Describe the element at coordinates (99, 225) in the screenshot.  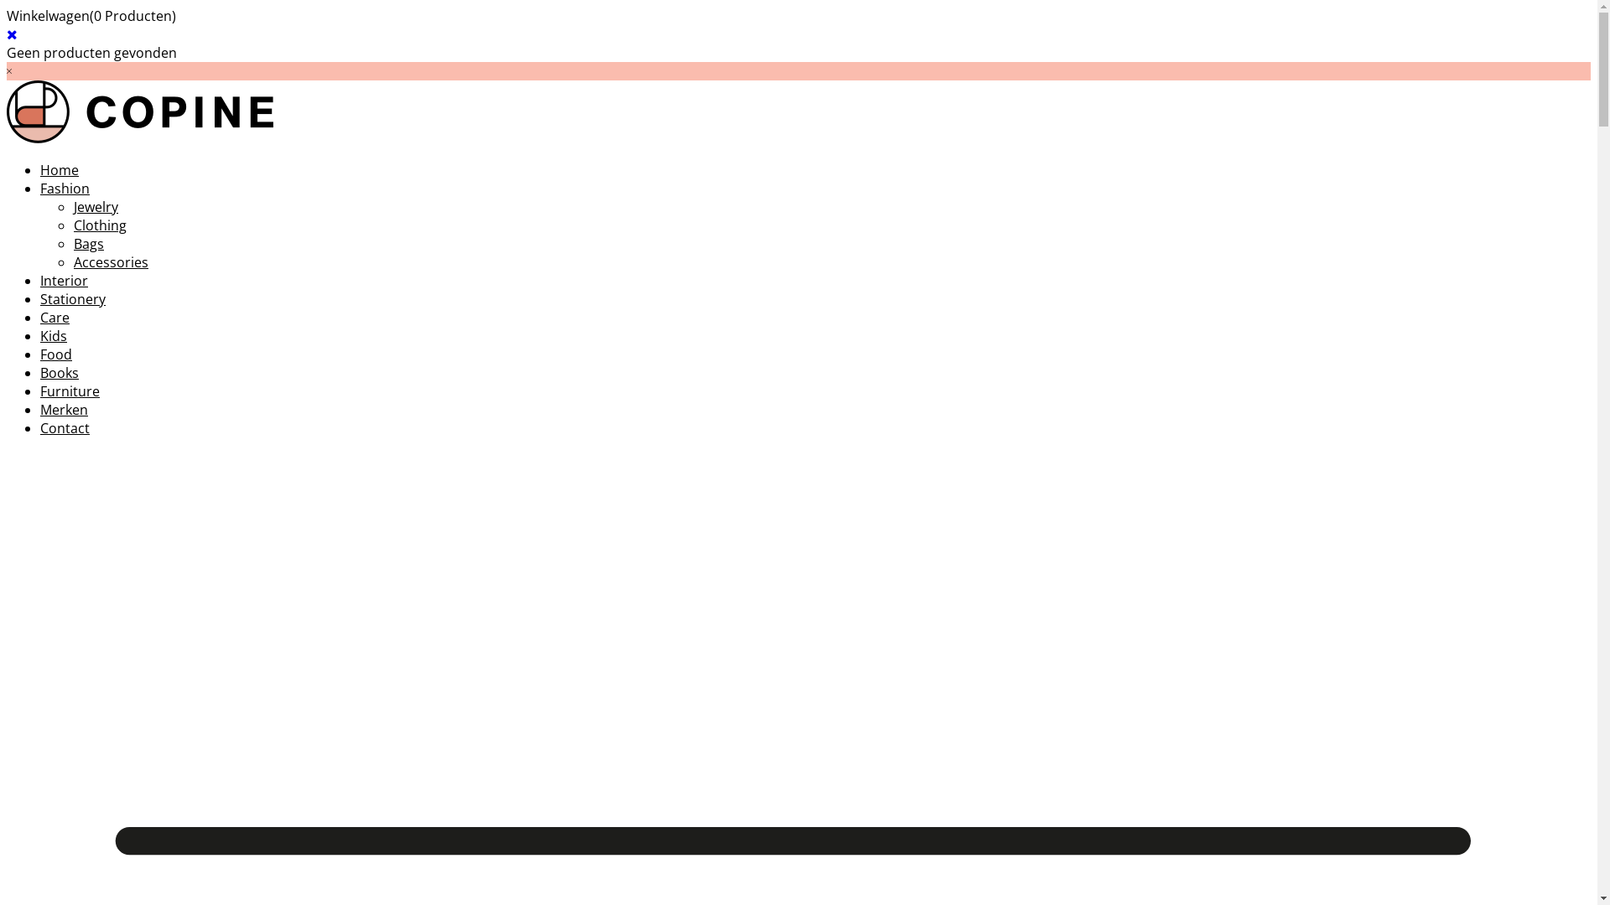
I see `'Clothing'` at that location.